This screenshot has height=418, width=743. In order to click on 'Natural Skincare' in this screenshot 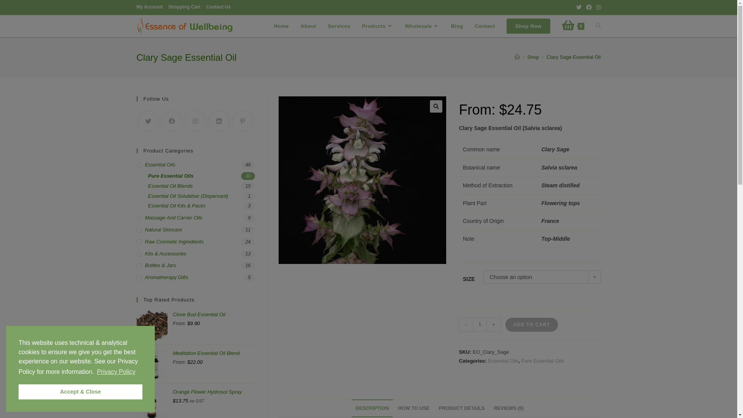, I will do `click(195, 230)`.